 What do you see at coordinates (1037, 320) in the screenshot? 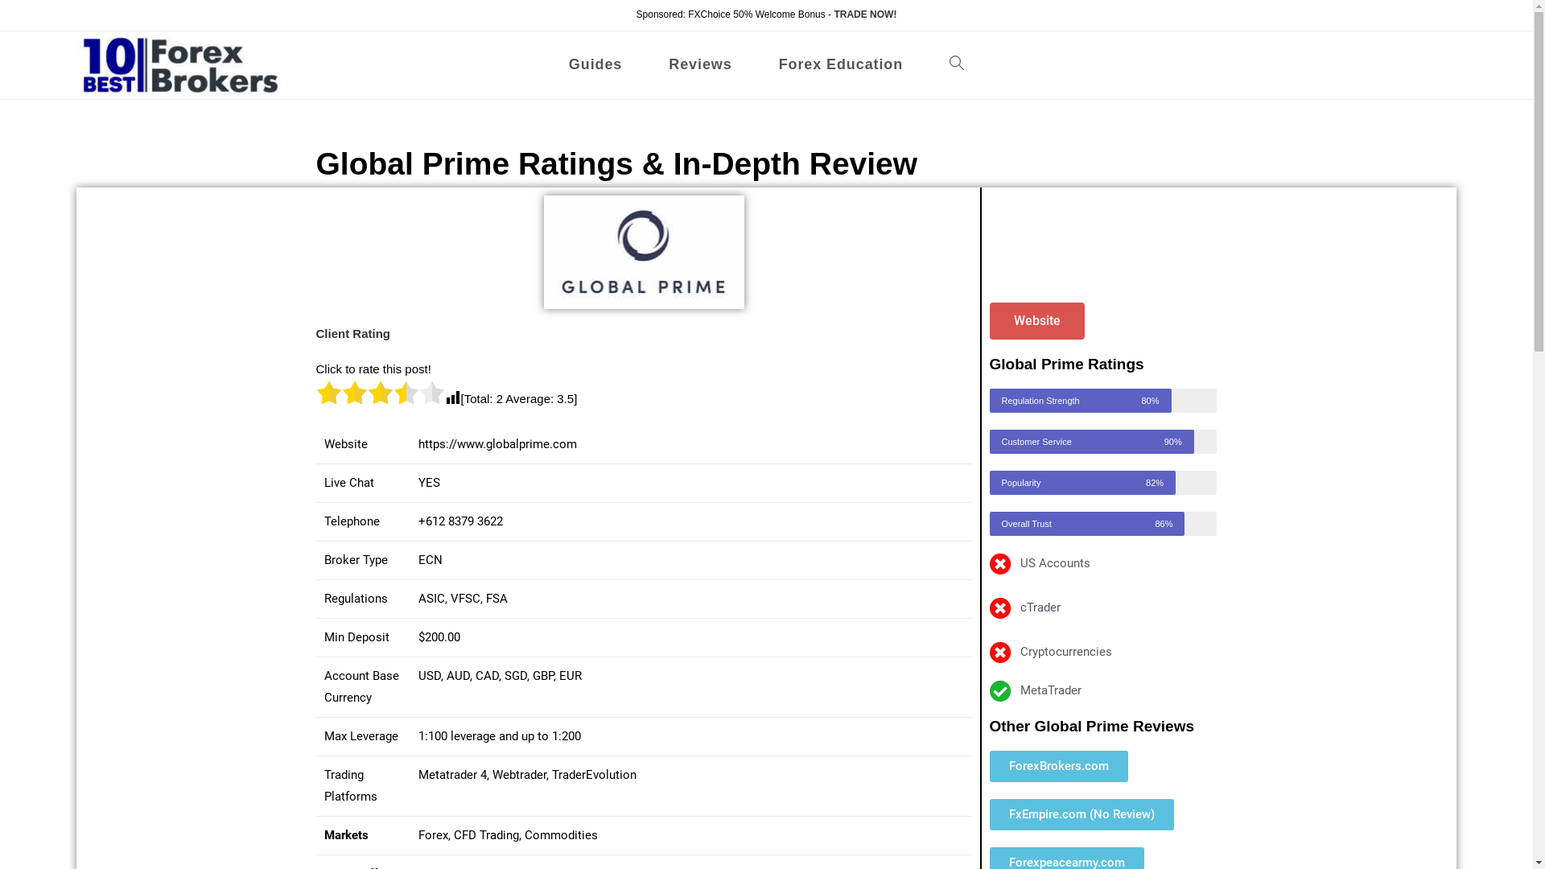
I see `'Website'` at bounding box center [1037, 320].